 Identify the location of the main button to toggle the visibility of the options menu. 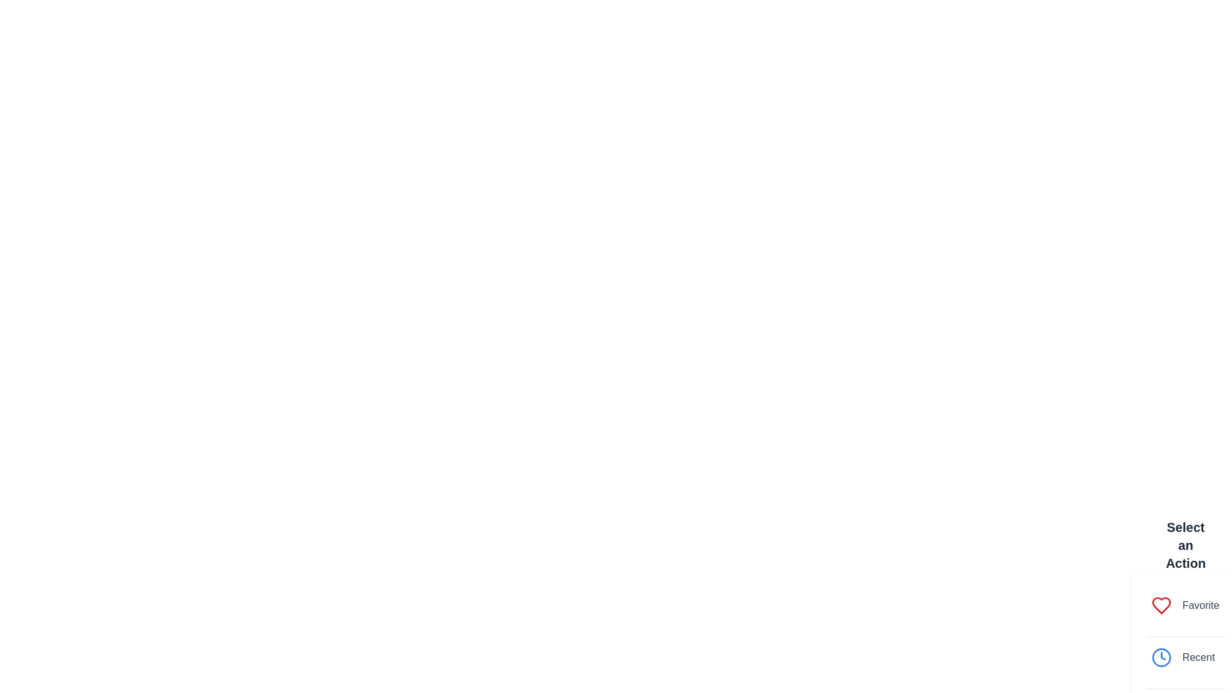
(1185, 646).